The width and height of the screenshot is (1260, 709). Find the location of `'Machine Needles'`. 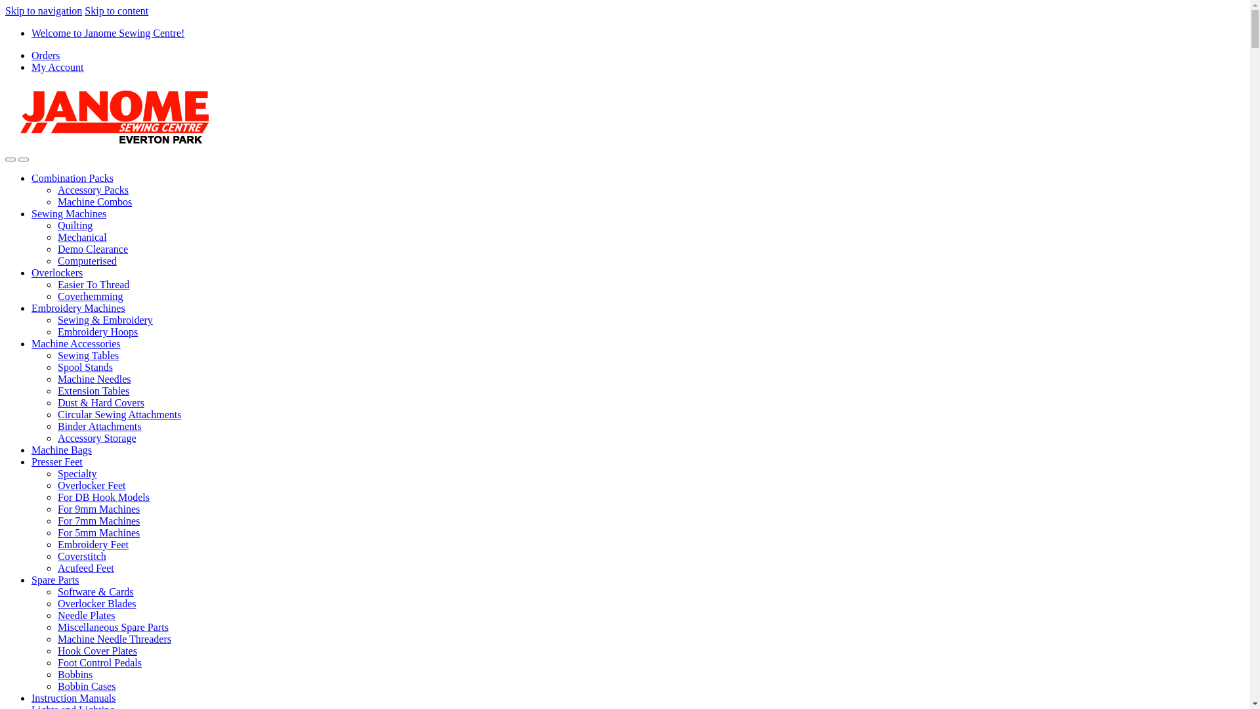

'Machine Needles' is located at coordinates (94, 379).